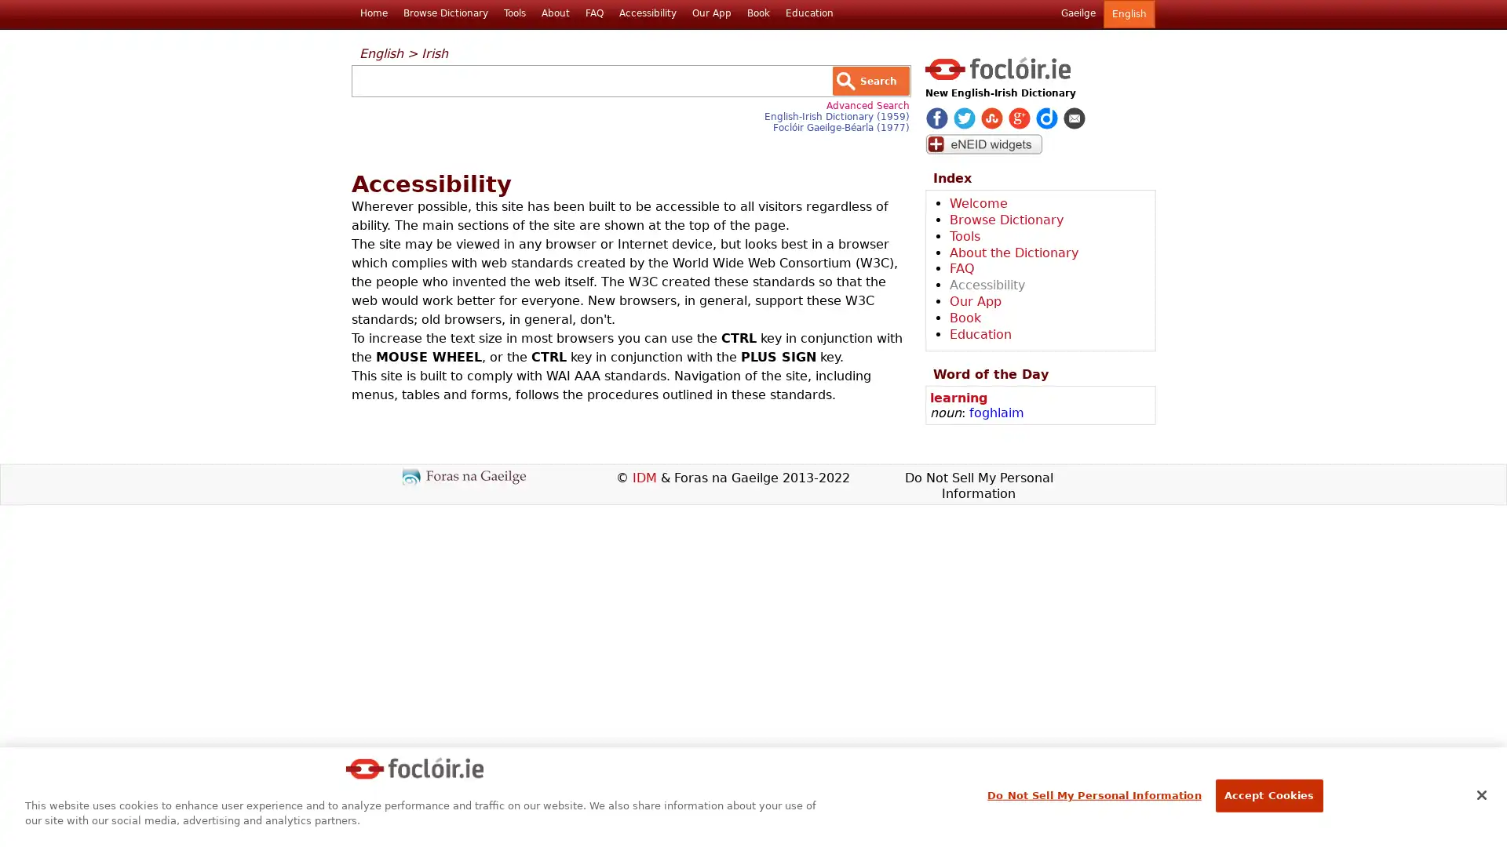  Describe the element at coordinates (870, 81) in the screenshot. I see `Search` at that location.